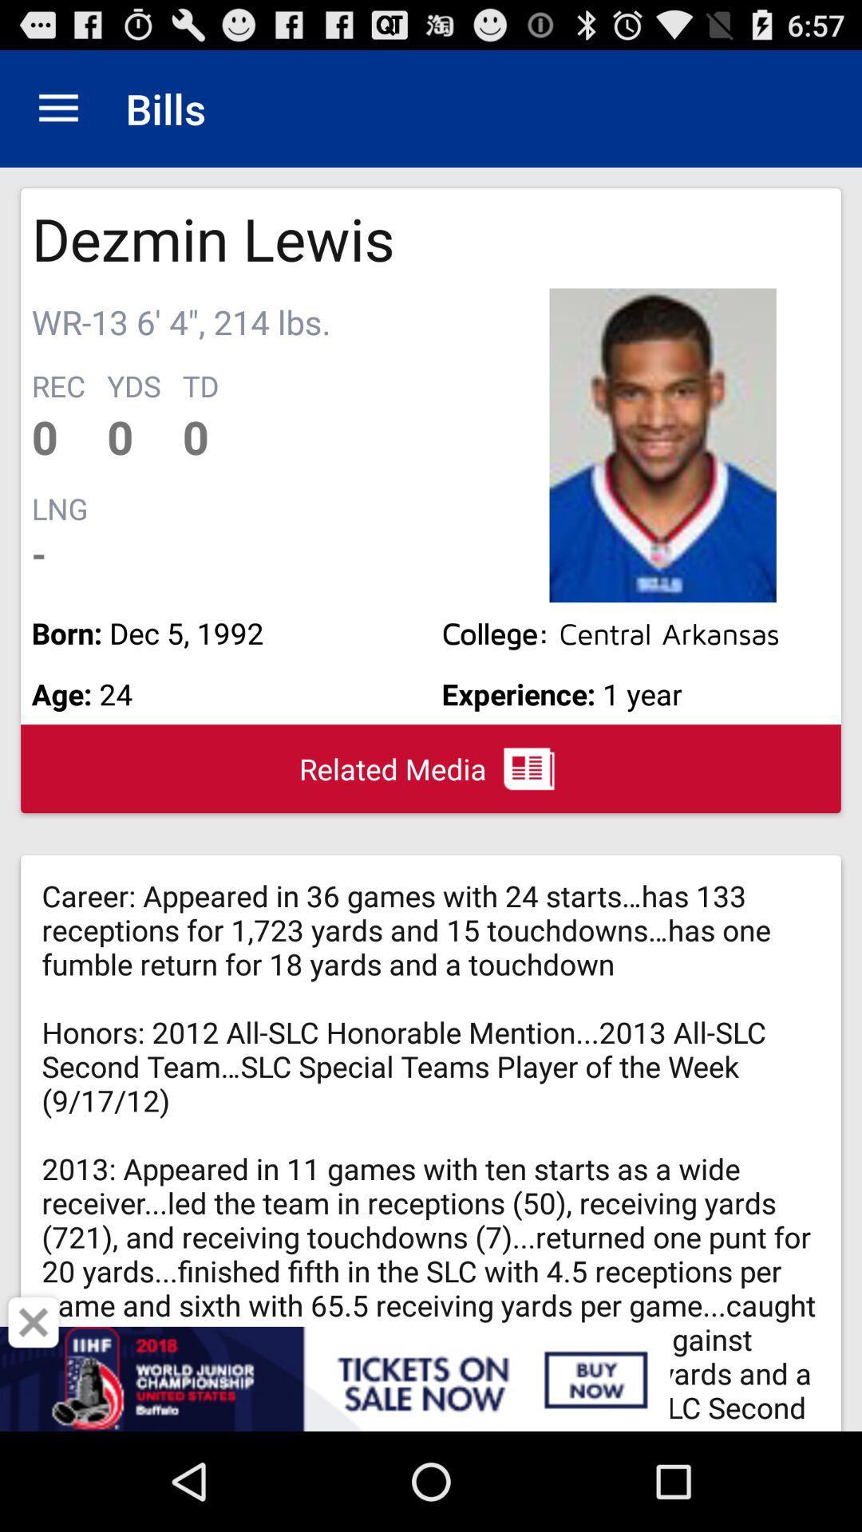 This screenshot has height=1532, width=862. I want to click on item below the related media icon, so click(431, 1378).